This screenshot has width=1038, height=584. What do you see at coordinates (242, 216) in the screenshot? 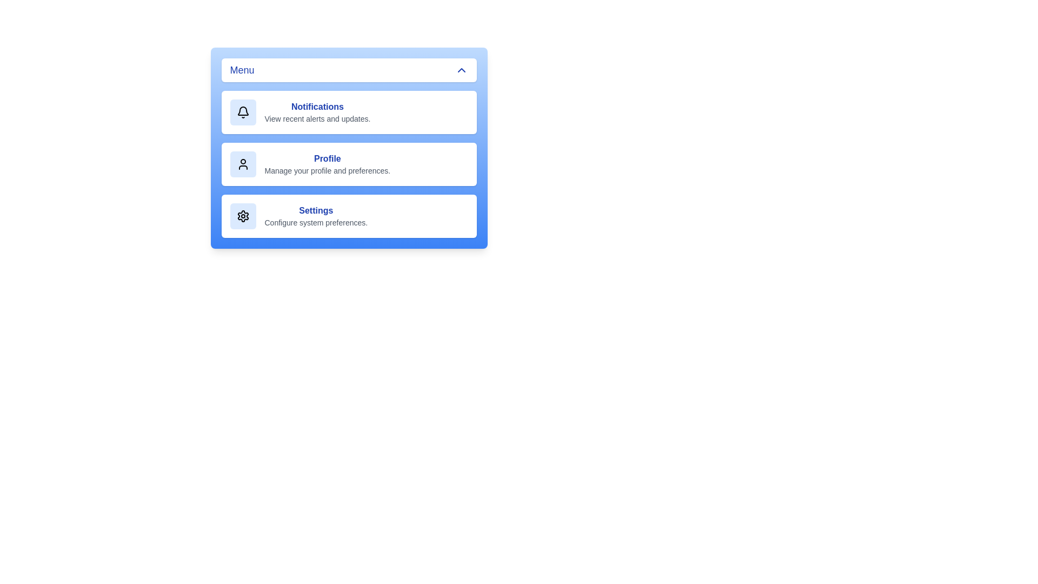
I see `the icon corresponding to Settings in the menu` at bounding box center [242, 216].